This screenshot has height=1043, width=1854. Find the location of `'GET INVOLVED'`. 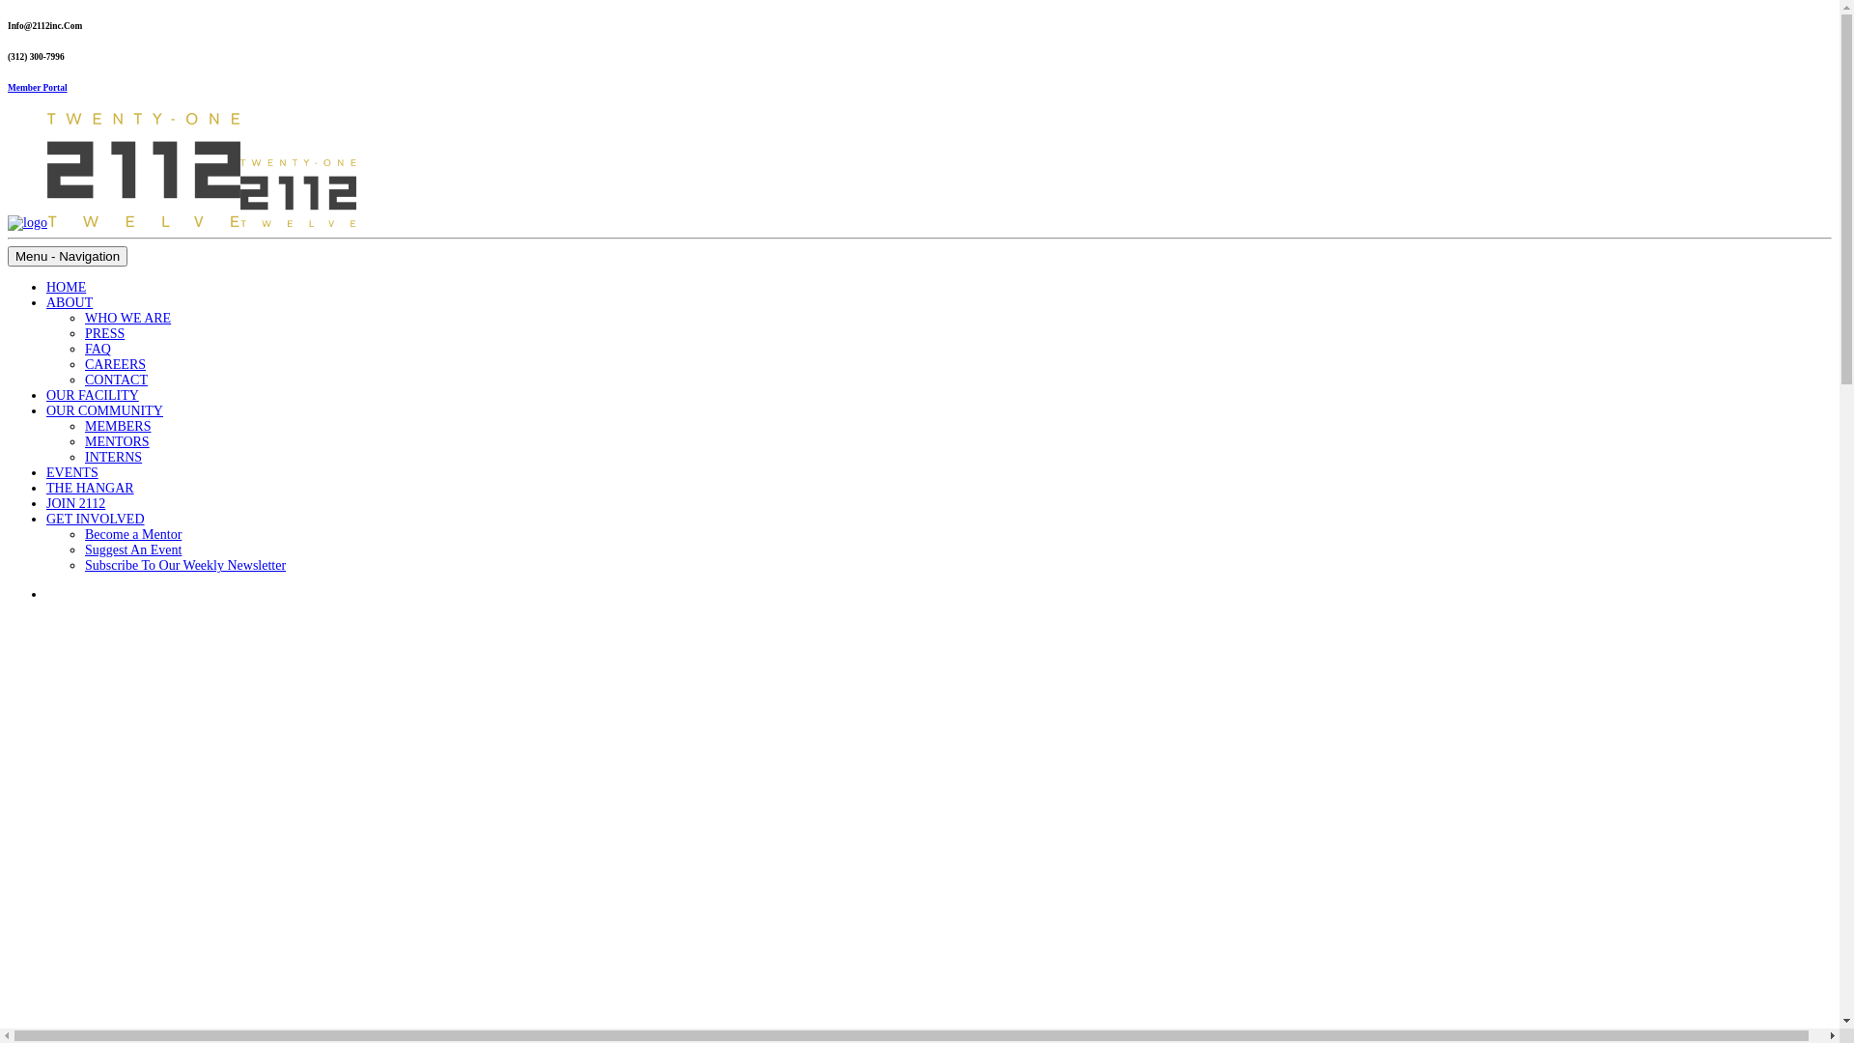

'GET INVOLVED' is located at coordinates (95, 518).